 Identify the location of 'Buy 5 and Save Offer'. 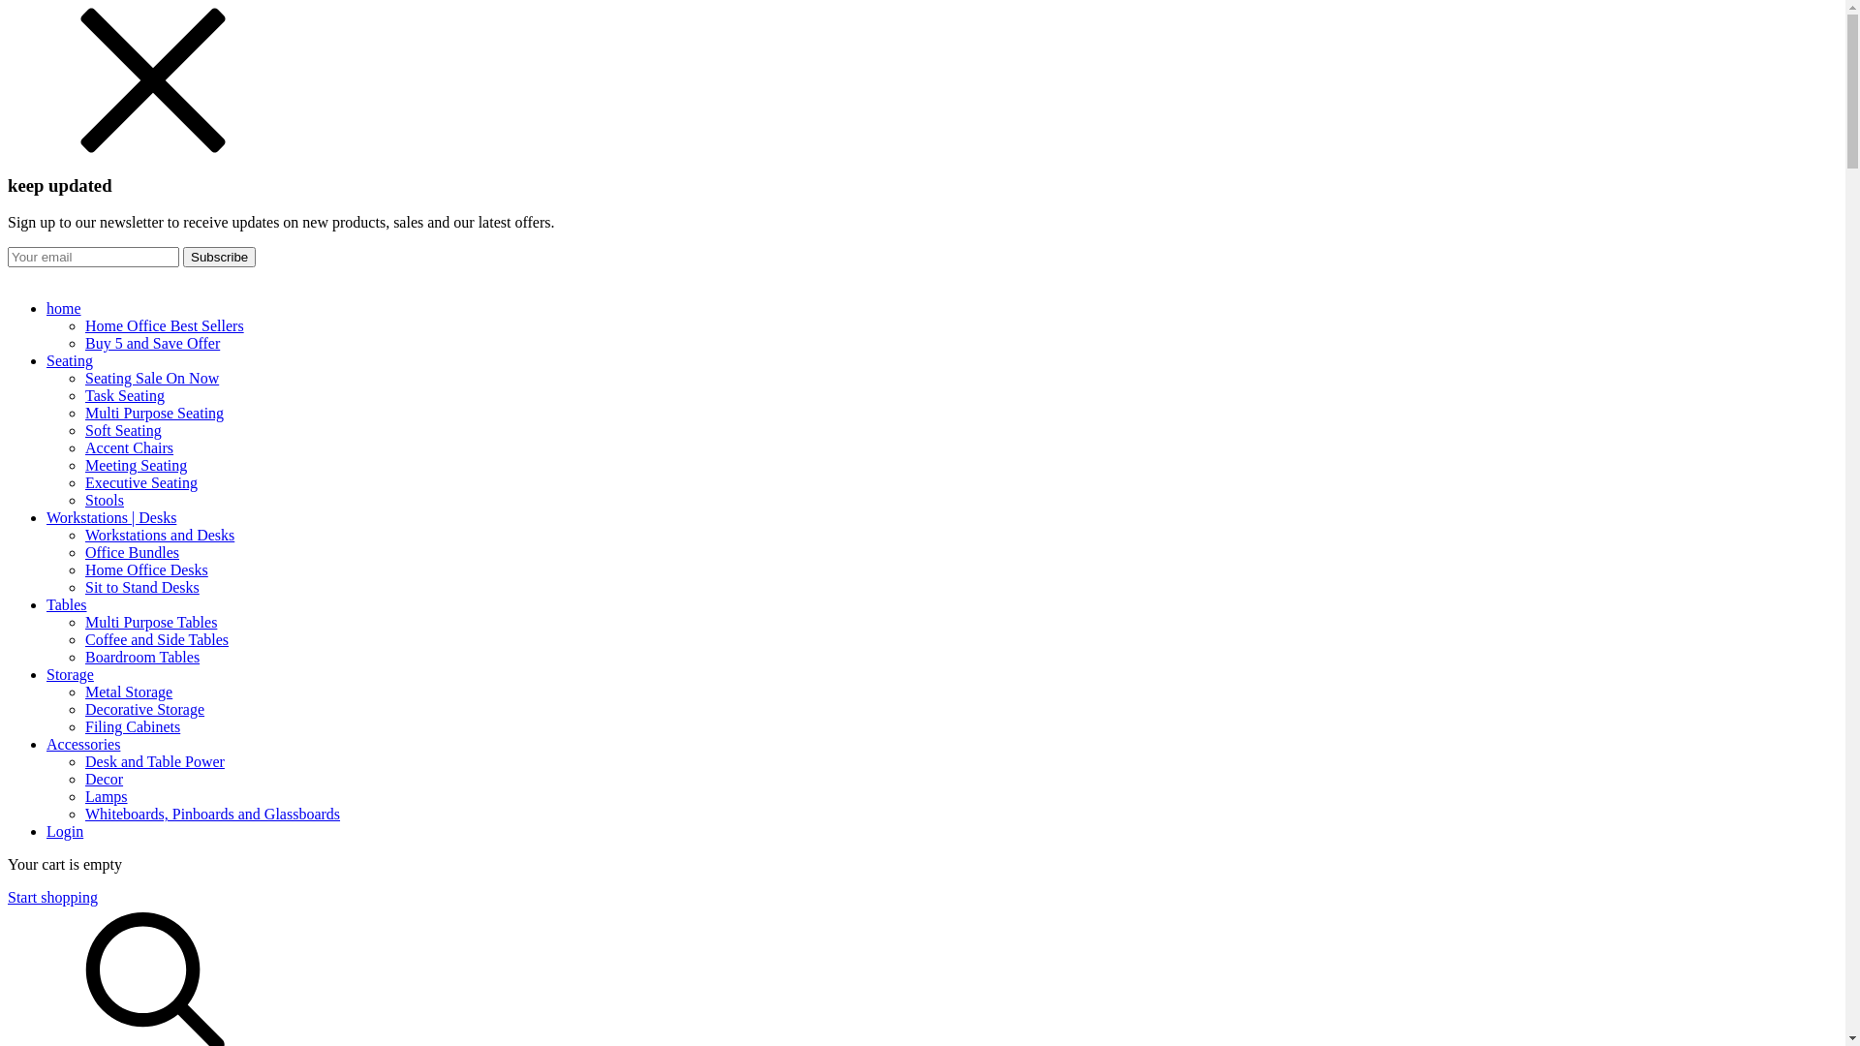
(151, 342).